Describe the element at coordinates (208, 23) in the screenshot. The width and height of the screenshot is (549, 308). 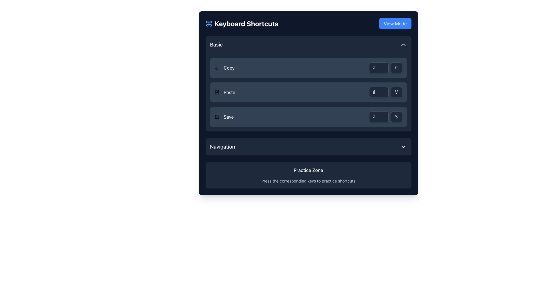
I see `the decorative graphic icon located at the top-left corner of the modal, next to the 'Keyboard Shortcuts' title` at that location.